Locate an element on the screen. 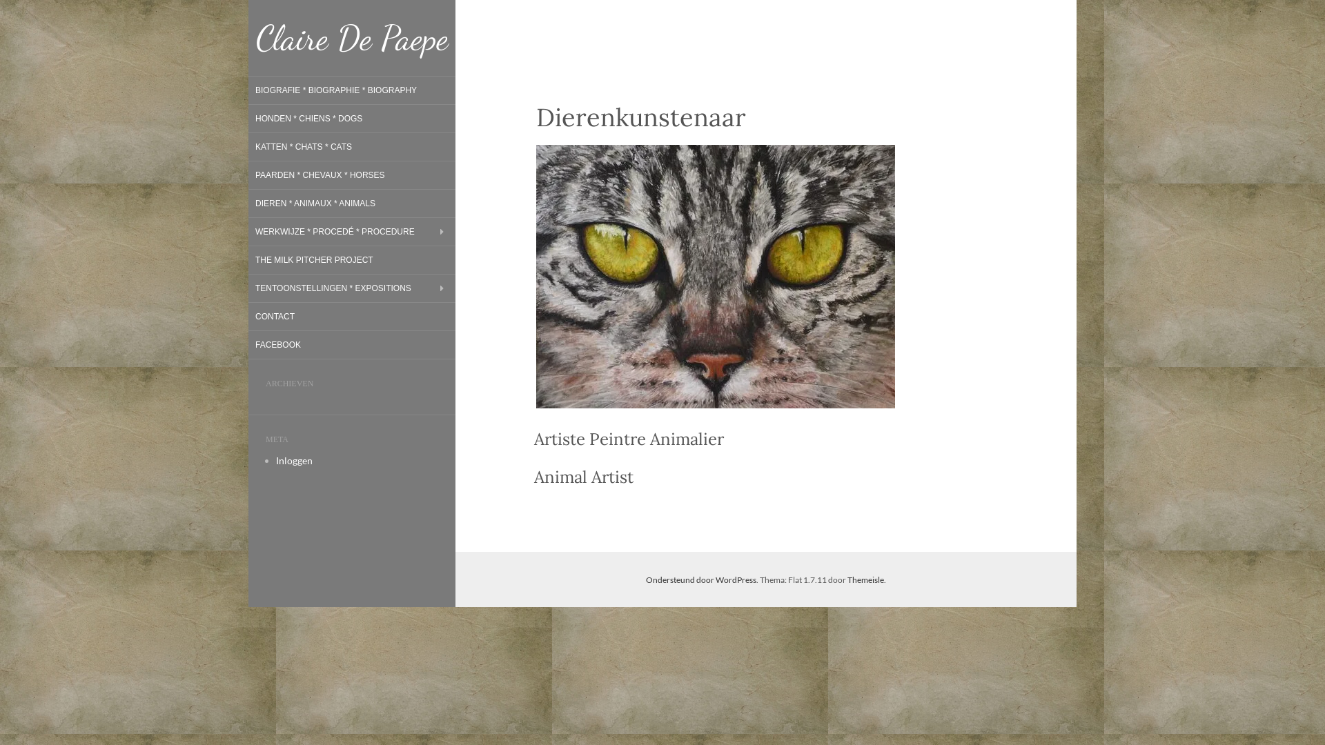 Image resolution: width=1325 pixels, height=745 pixels. 'PAARDEN * CHEVAUX * HORSES' is located at coordinates (320, 175).